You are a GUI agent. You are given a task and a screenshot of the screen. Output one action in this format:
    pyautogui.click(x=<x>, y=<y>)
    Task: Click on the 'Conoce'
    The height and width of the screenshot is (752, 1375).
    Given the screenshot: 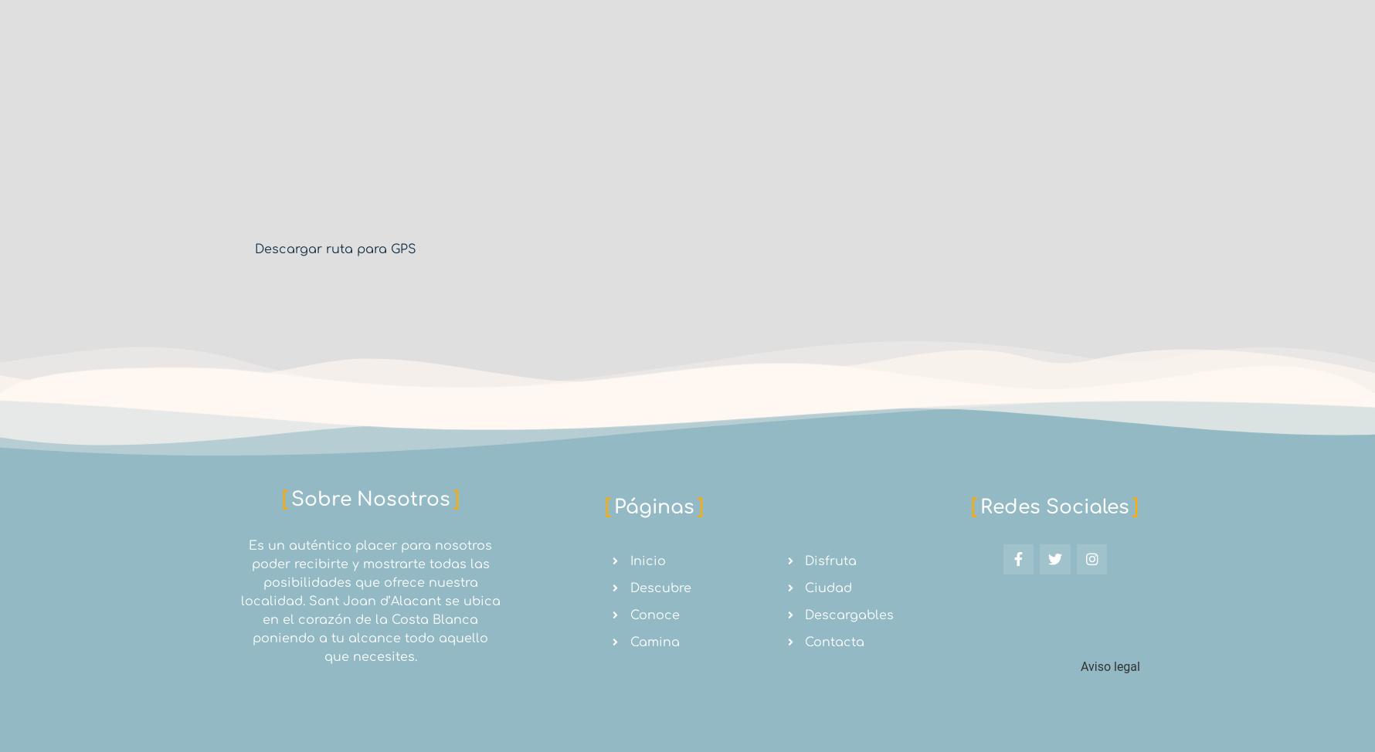 What is the action you would take?
    pyautogui.click(x=653, y=613)
    